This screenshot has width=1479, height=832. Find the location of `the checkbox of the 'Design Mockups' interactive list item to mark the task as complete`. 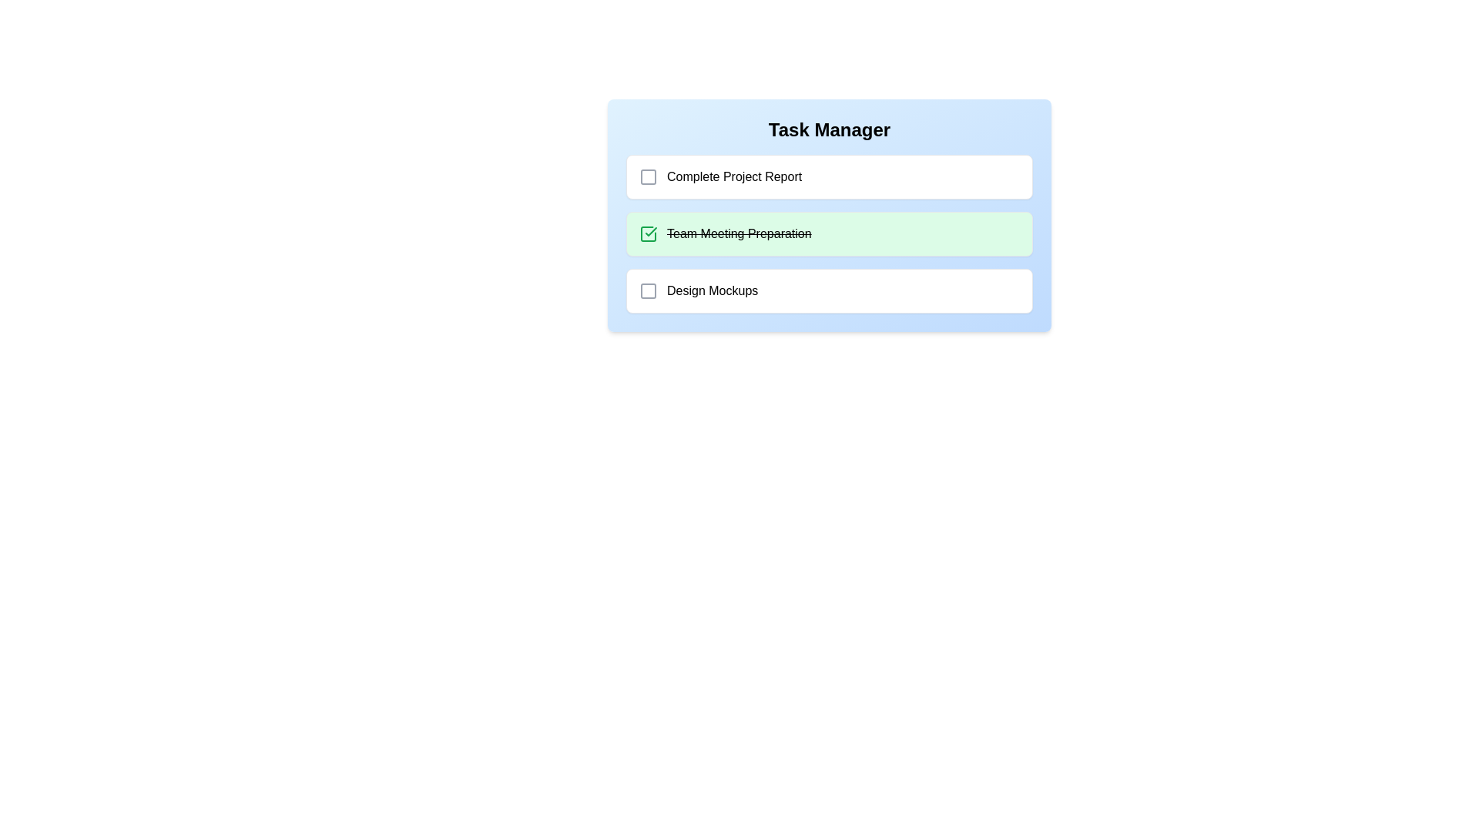

the checkbox of the 'Design Mockups' interactive list item to mark the task as complete is located at coordinates (828, 291).